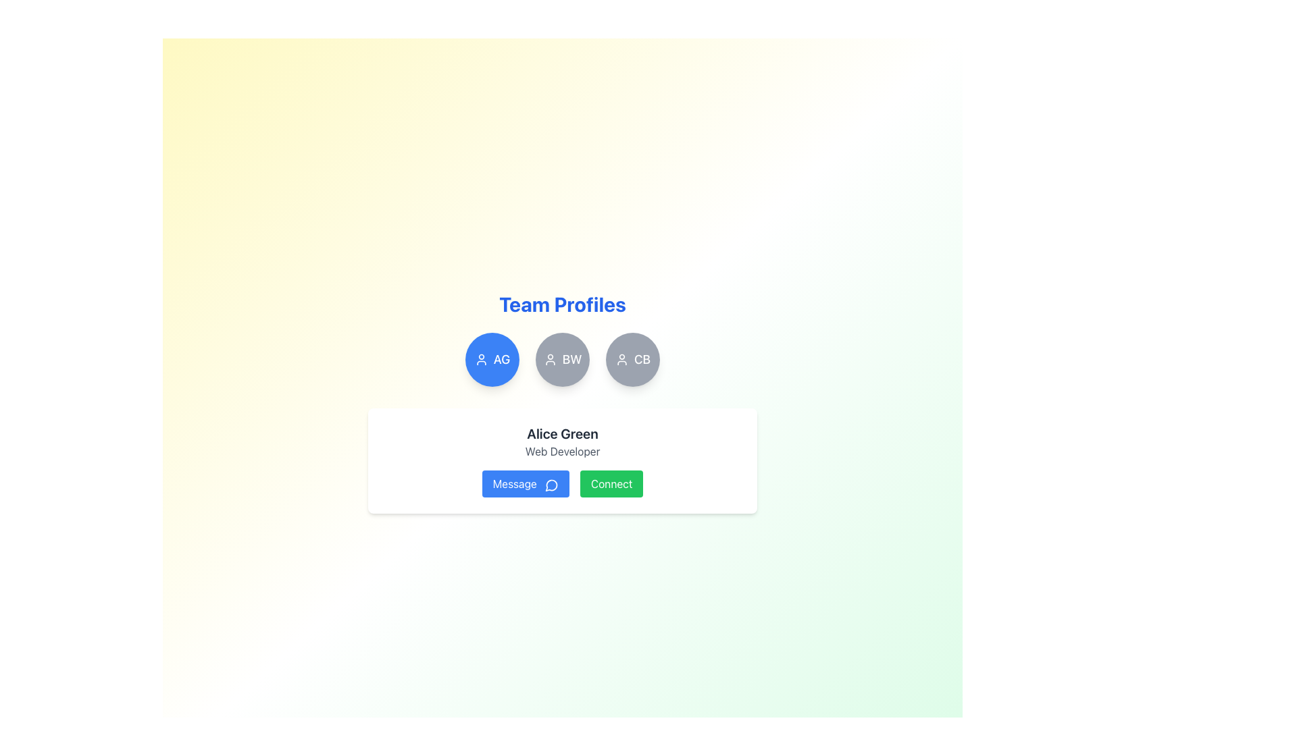 Image resolution: width=1297 pixels, height=729 pixels. Describe the element at coordinates (563, 451) in the screenshot. I see `the text block labeled 'Web Developer' in gray font, which is positioned directly under 'Alice Green' within a white card` at that location.